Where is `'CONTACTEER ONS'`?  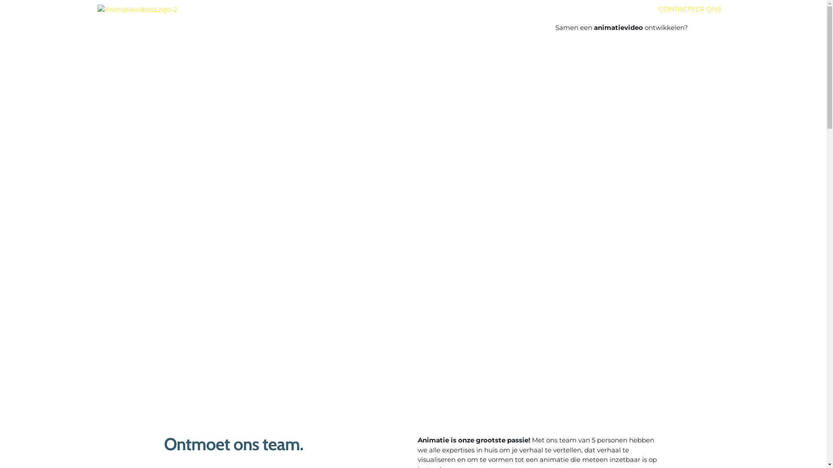
'CONTACTEER ONS' is located at coordinates (688, 9).